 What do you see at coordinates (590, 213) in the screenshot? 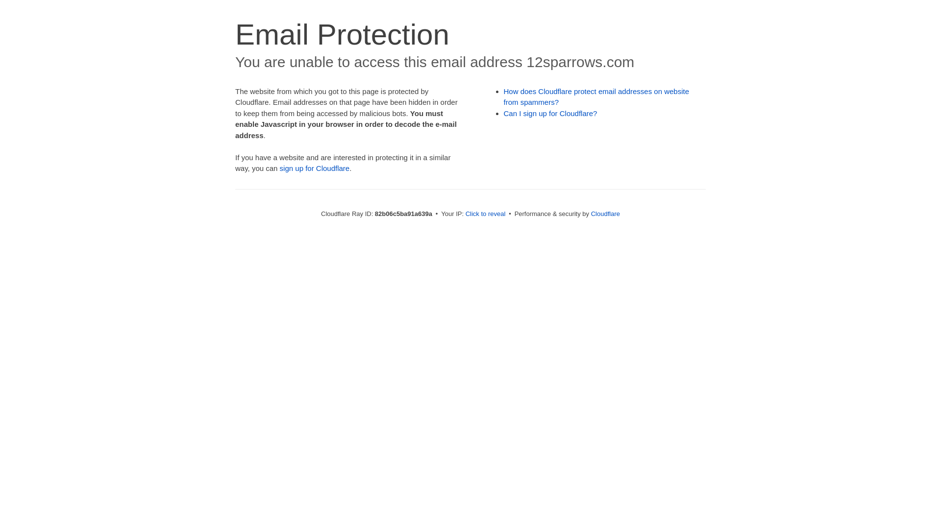
I see `'Cloudflare'` at bounding box center [590, 213].